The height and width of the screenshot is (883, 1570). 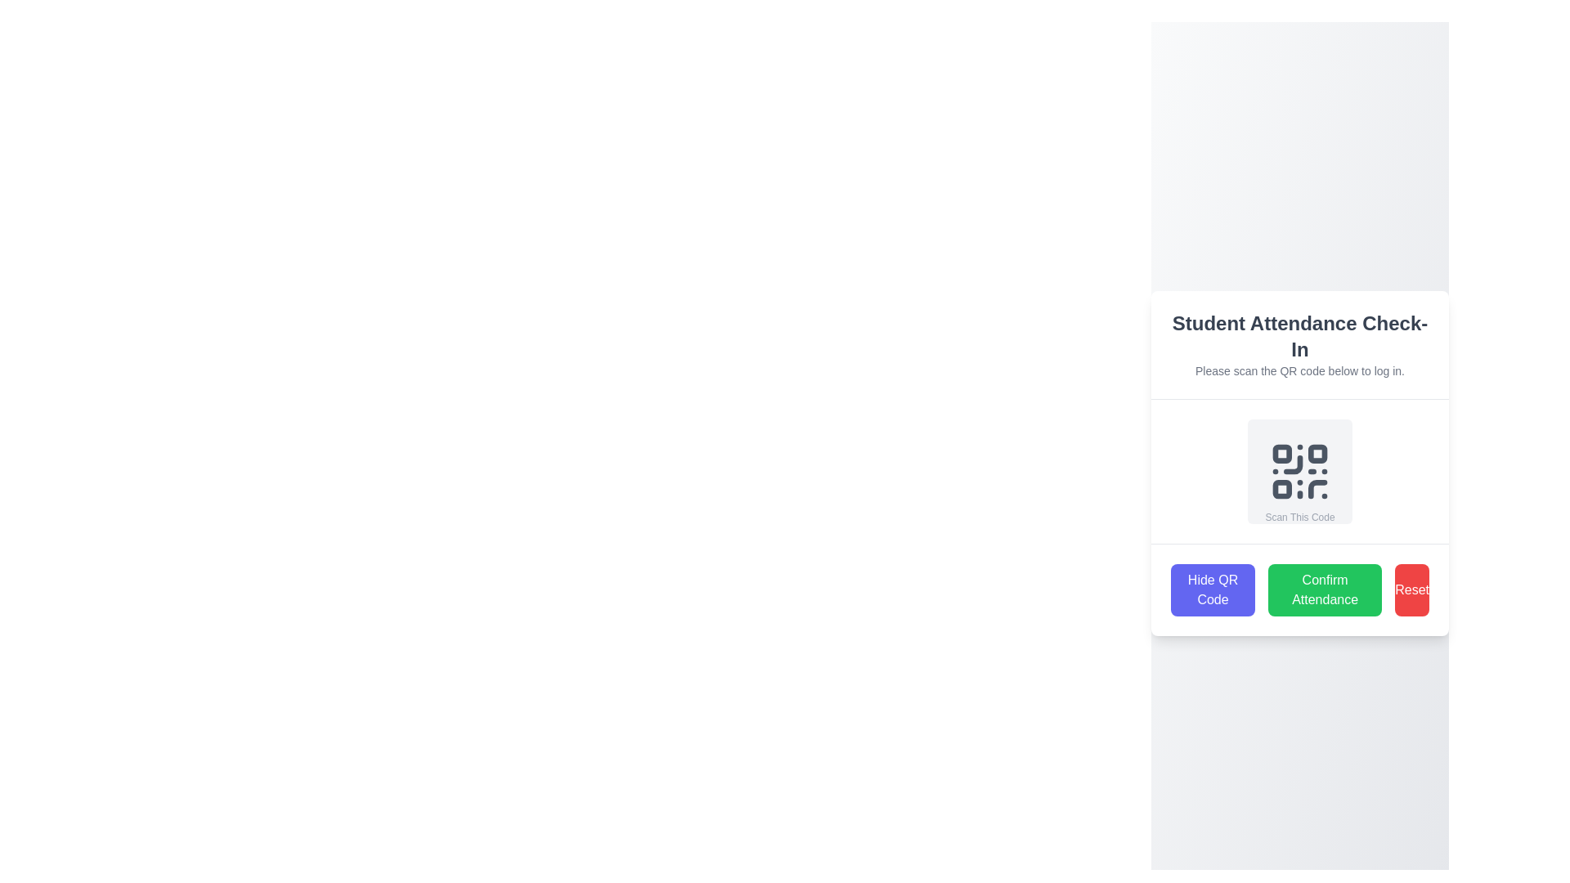 I want to click on the green button labeled 'Confirm Attendance' to confirm attendance, so click(x=1299, y=589).